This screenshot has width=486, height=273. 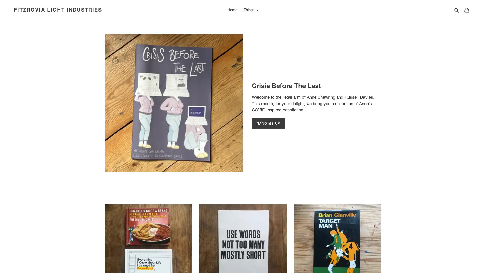 I want to click on Things, so click(x=251, y=10).